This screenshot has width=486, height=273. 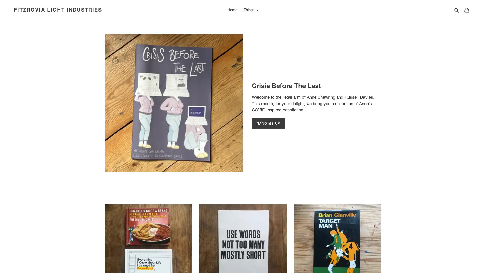 I want to click on Things, so click(x=251, y=10).